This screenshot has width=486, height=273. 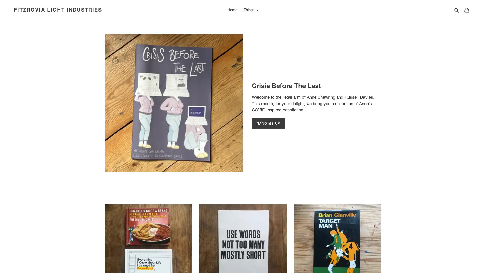 I want to click on Things, so click(x=251, y=10).